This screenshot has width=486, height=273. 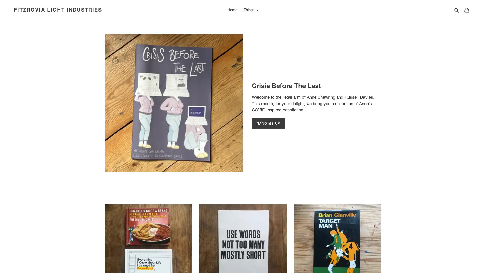 I want to click on Things, so click(x=251, y=10).